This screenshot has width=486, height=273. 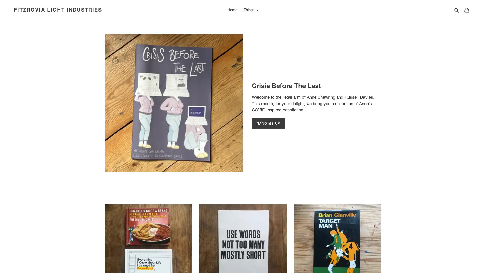 I want to click on Things, so click(x=251, y=10).